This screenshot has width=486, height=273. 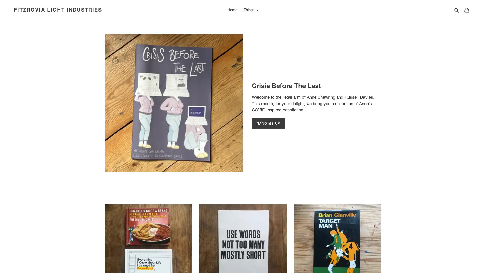 I want to click on Things, so click(x=251, y=10).